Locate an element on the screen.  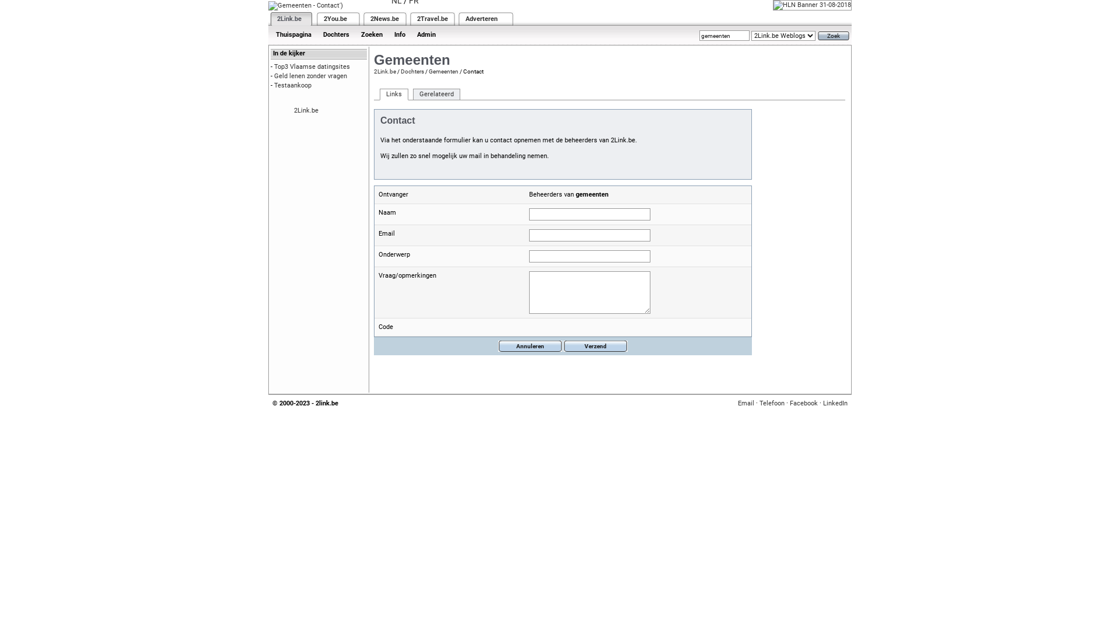
'Testaankoop' is located at coordinates (293, 85).